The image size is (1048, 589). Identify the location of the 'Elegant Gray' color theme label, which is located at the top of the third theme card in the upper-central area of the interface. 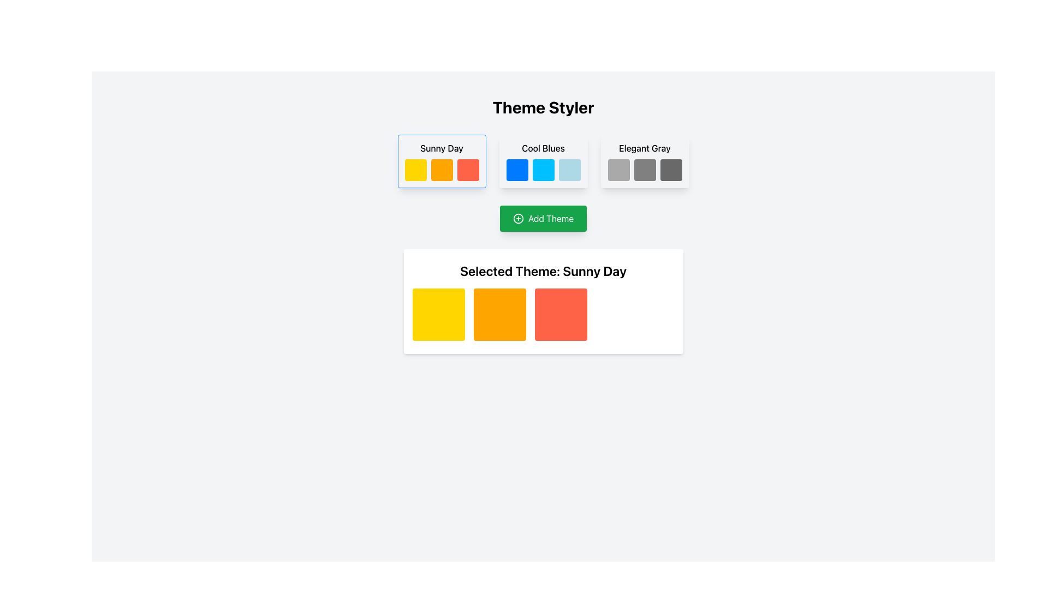
(645, 148).